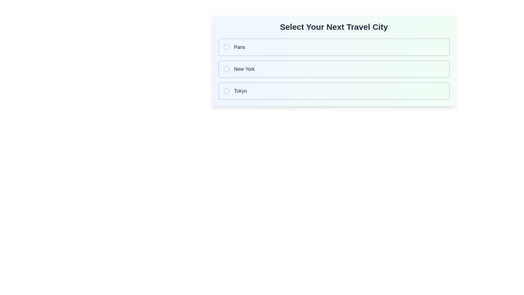 The width and height of the screenshot is (524, 295). Describe the element at coordinates (226, 47) in the screenshot. I see `the radio button associated with the 'Paris' option` at that location.